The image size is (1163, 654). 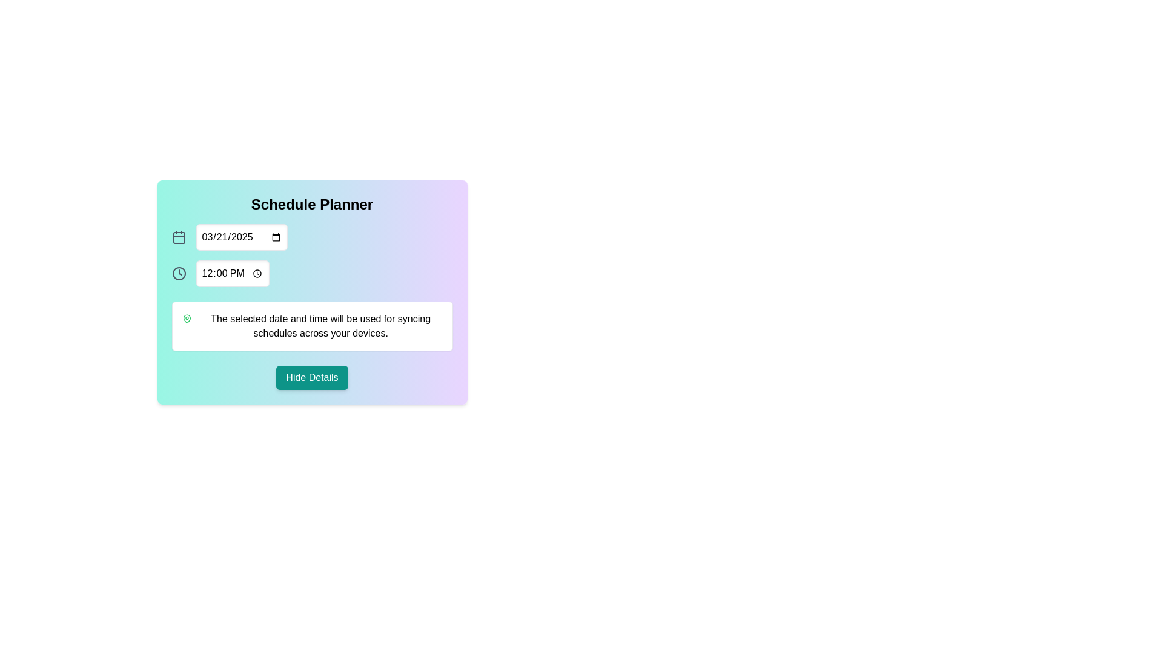 I want to click on the Time input field, which is a rectangular field with a light border and shadowed inner styling containing the text '12:00 PM', located to the right of a clock icon, so click(x=233, y=273).